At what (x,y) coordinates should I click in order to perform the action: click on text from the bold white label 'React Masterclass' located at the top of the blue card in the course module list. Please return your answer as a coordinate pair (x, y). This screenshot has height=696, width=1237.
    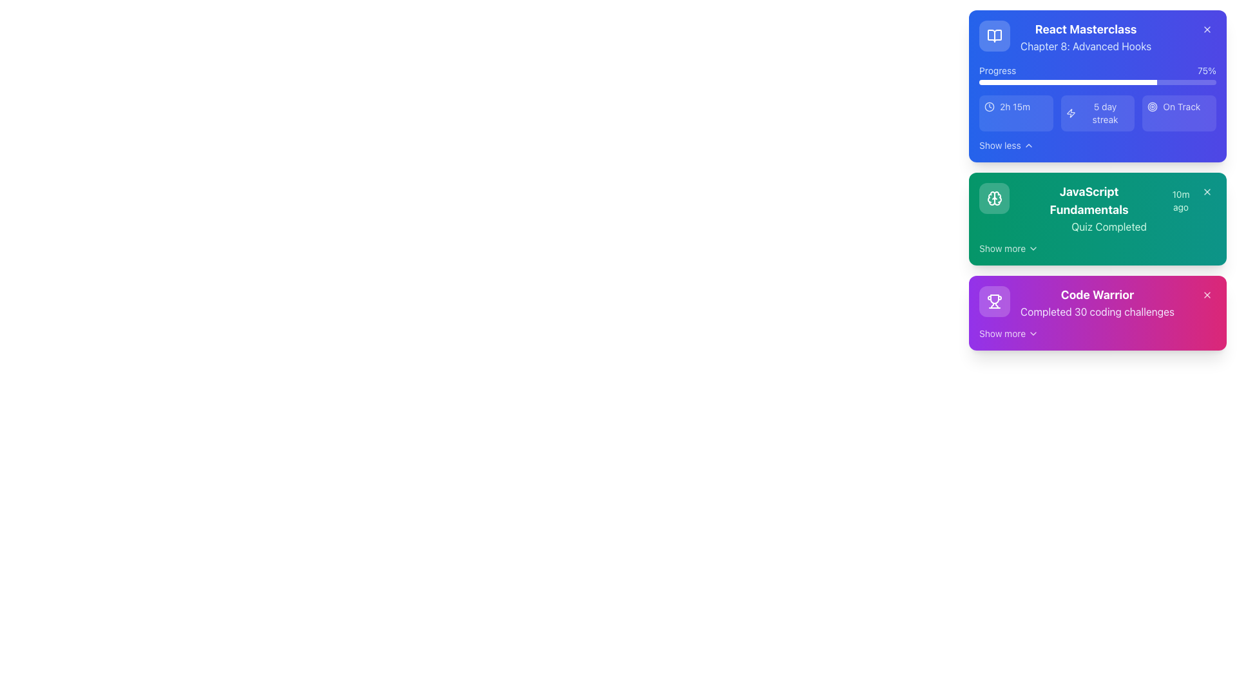
    Looking at the image, I should click on (1085, 29).